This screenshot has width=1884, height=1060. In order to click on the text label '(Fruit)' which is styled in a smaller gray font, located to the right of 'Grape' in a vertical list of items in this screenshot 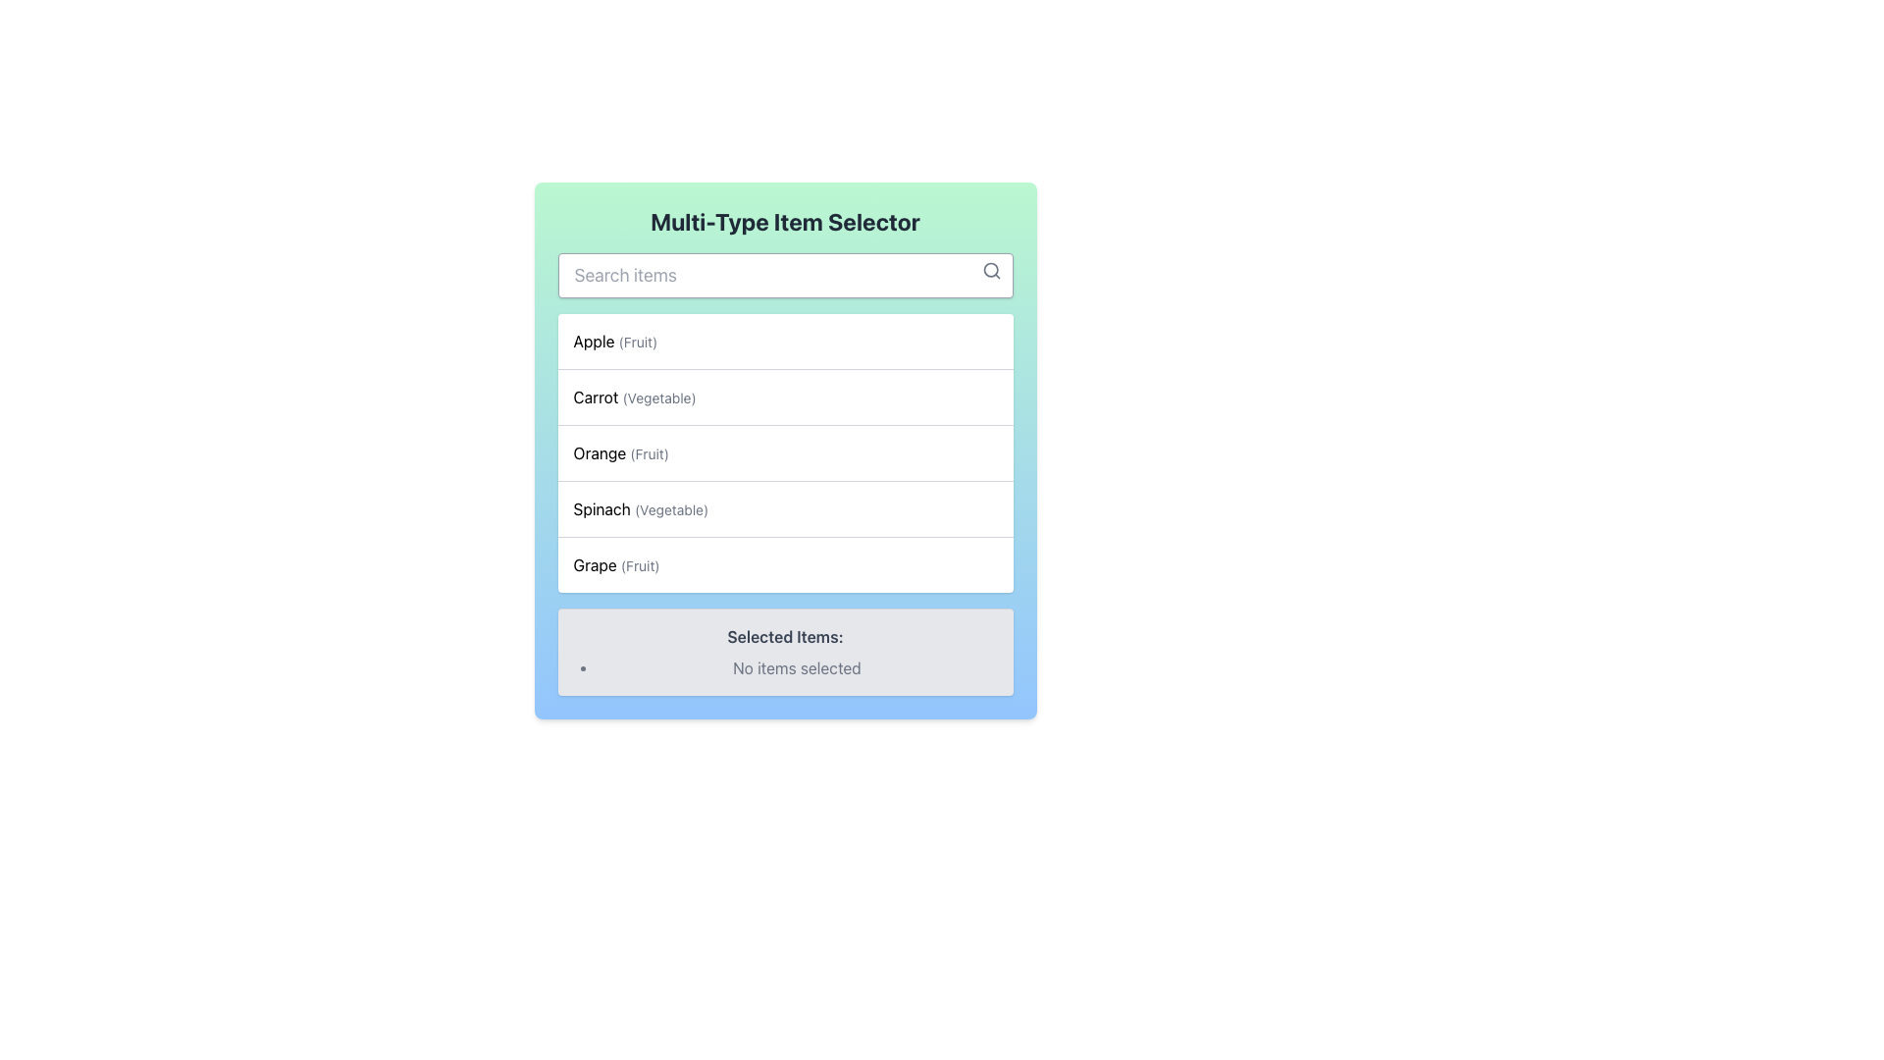, I will do `click(640, 565)`.